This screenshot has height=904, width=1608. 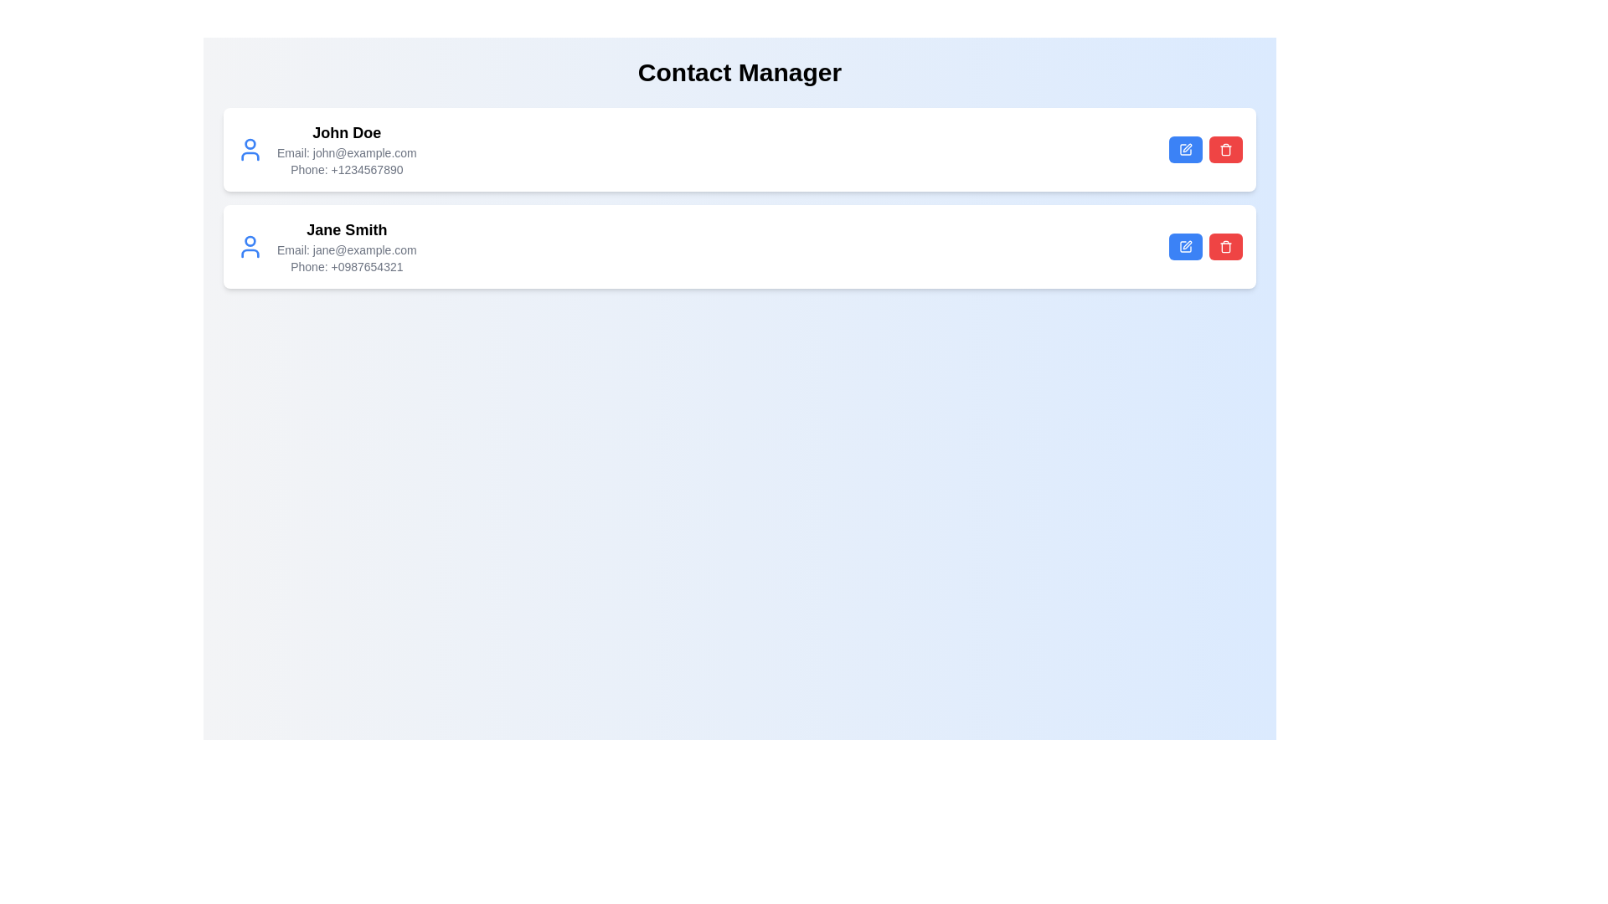 I want to click on the static text display showing the email address 'Email: john@example.com', located beneath 'John Doe' and above the phone number '+1234567890', so click(x=346, y=152).